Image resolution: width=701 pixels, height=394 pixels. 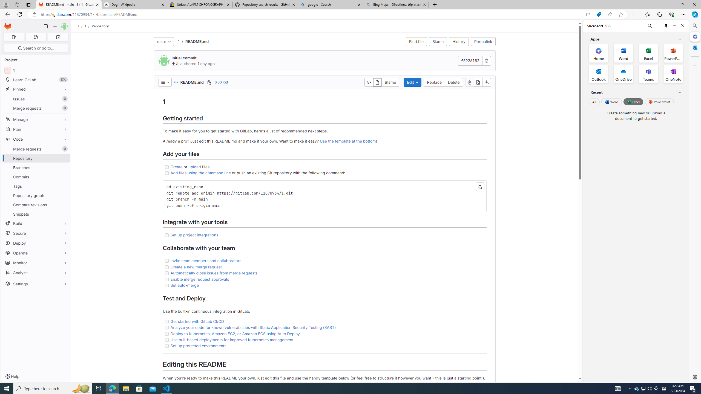 I want to click on 'Create a new merge request', so click(x=196, y=266).